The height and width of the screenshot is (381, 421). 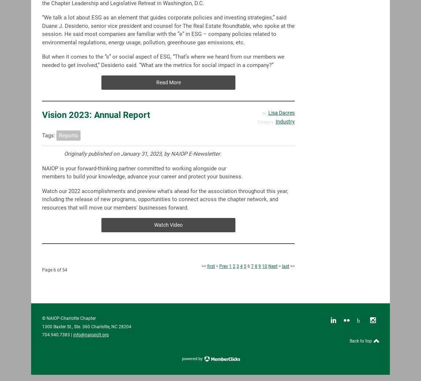 I want to click on '“We talk a lot about ESG as an element that guides corporate policies and investing strategies,” said Duane J. Desiderio, senior vice president and counsel for The Real Estate Roundtable, who spoke at the session. He said most companies are familiar with the ”e” in ESG – company policies related to environmental regulations, energy usage, pollution, greenhouse gas emissions, etc.', so click(x=168, y=29).